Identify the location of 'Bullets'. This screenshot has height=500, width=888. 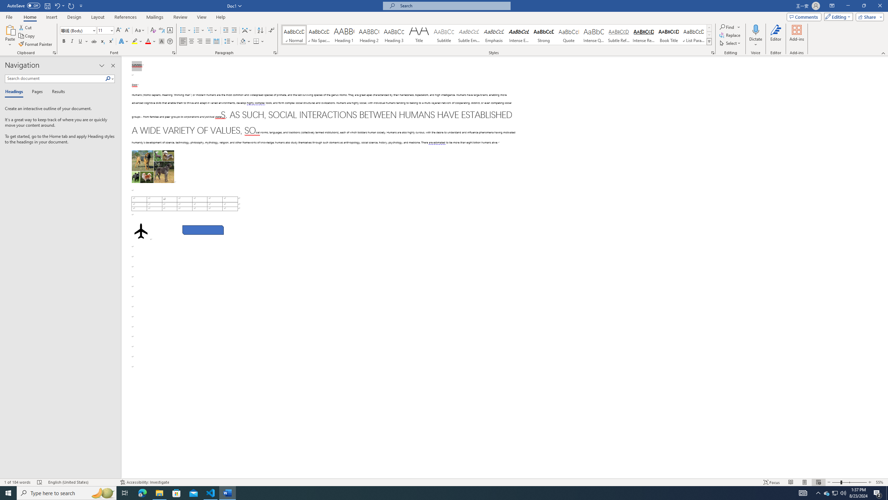
(183, 30).